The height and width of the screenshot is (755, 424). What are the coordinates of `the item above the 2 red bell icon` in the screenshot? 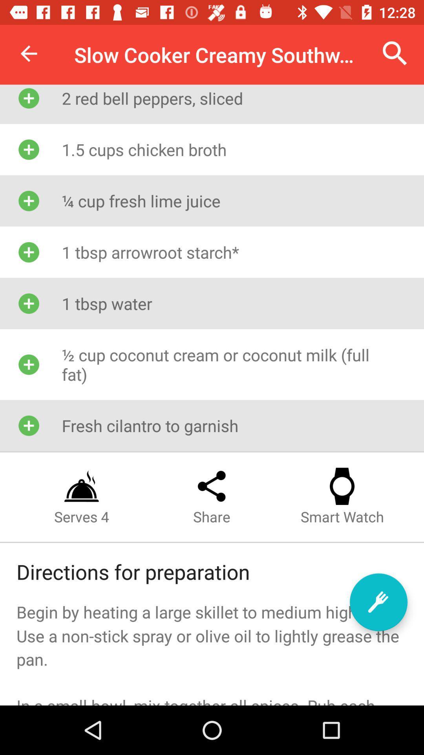 It's located at (395, 53).